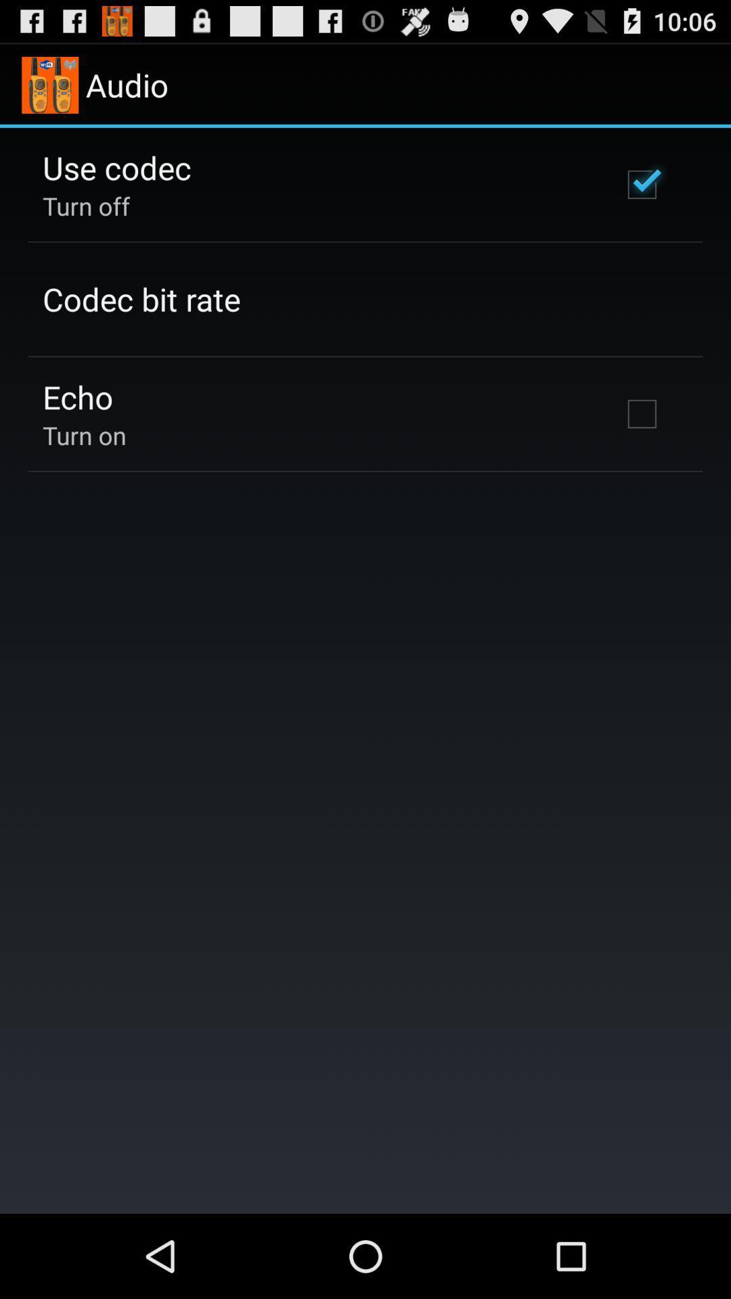 The height and width of the screenshot is (1299, 731). What do you see at coordinates (84, 435) in the screenshot?
I see `the icon on the left` at bounding box center [84, 435].